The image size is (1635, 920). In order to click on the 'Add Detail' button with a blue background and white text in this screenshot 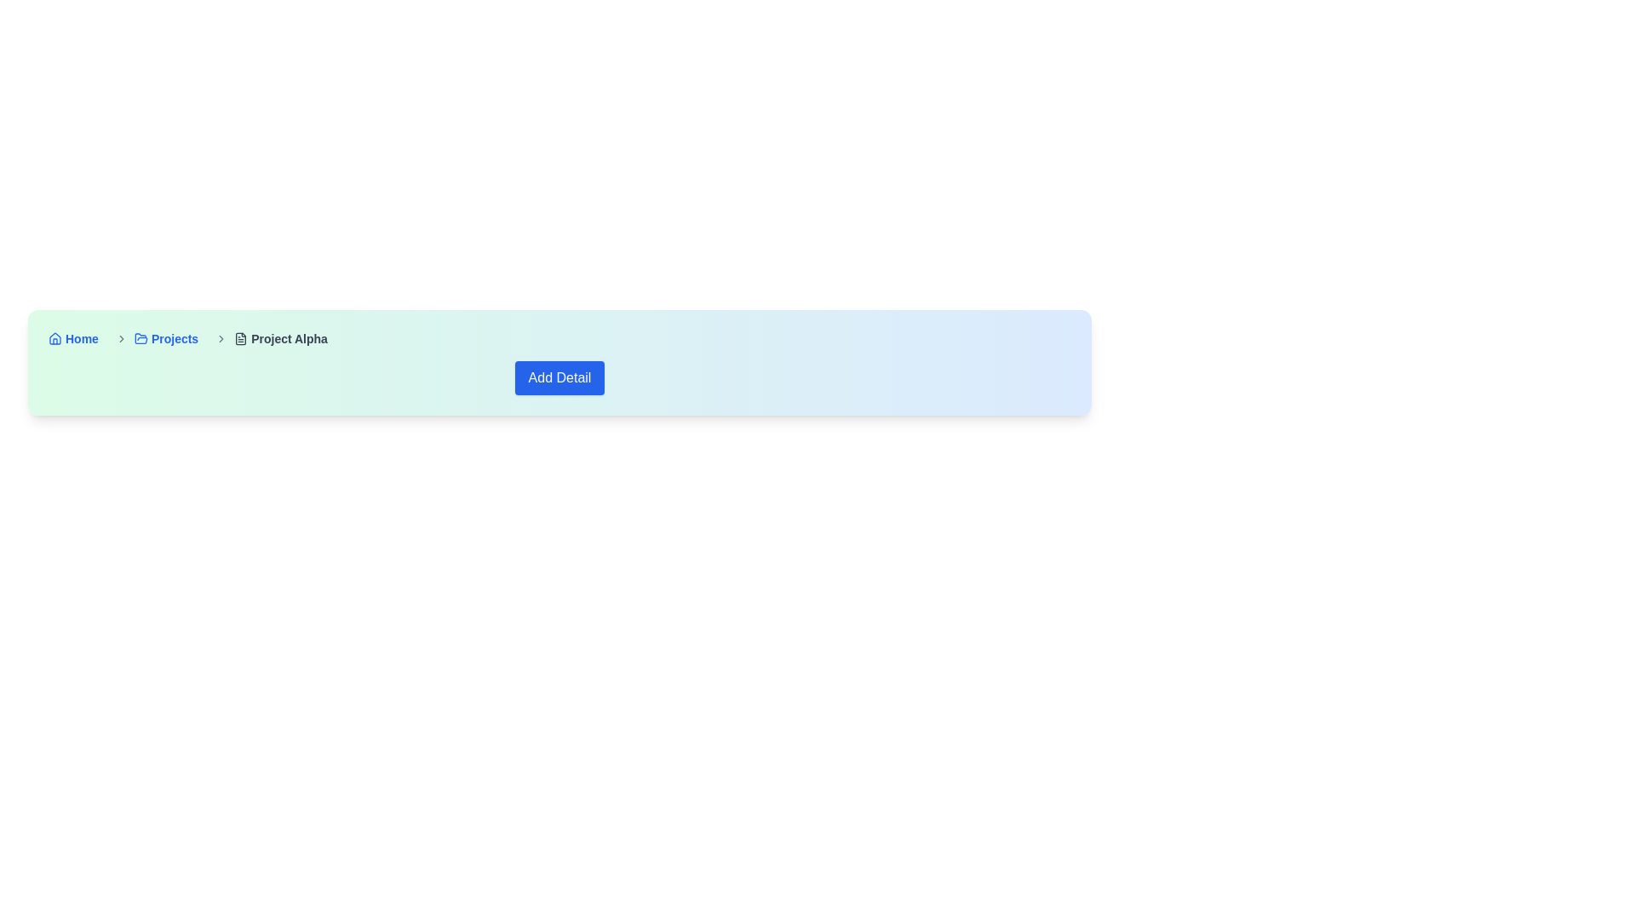, I will do `click(559, 377)`.